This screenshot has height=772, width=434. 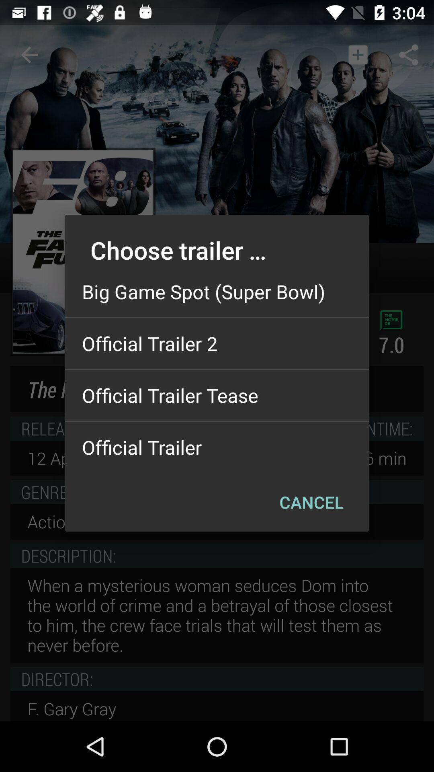 What do you see at coordinates (217, 291) in the screenshot?
I see `big game spot item` at bounding box center [217, 291].